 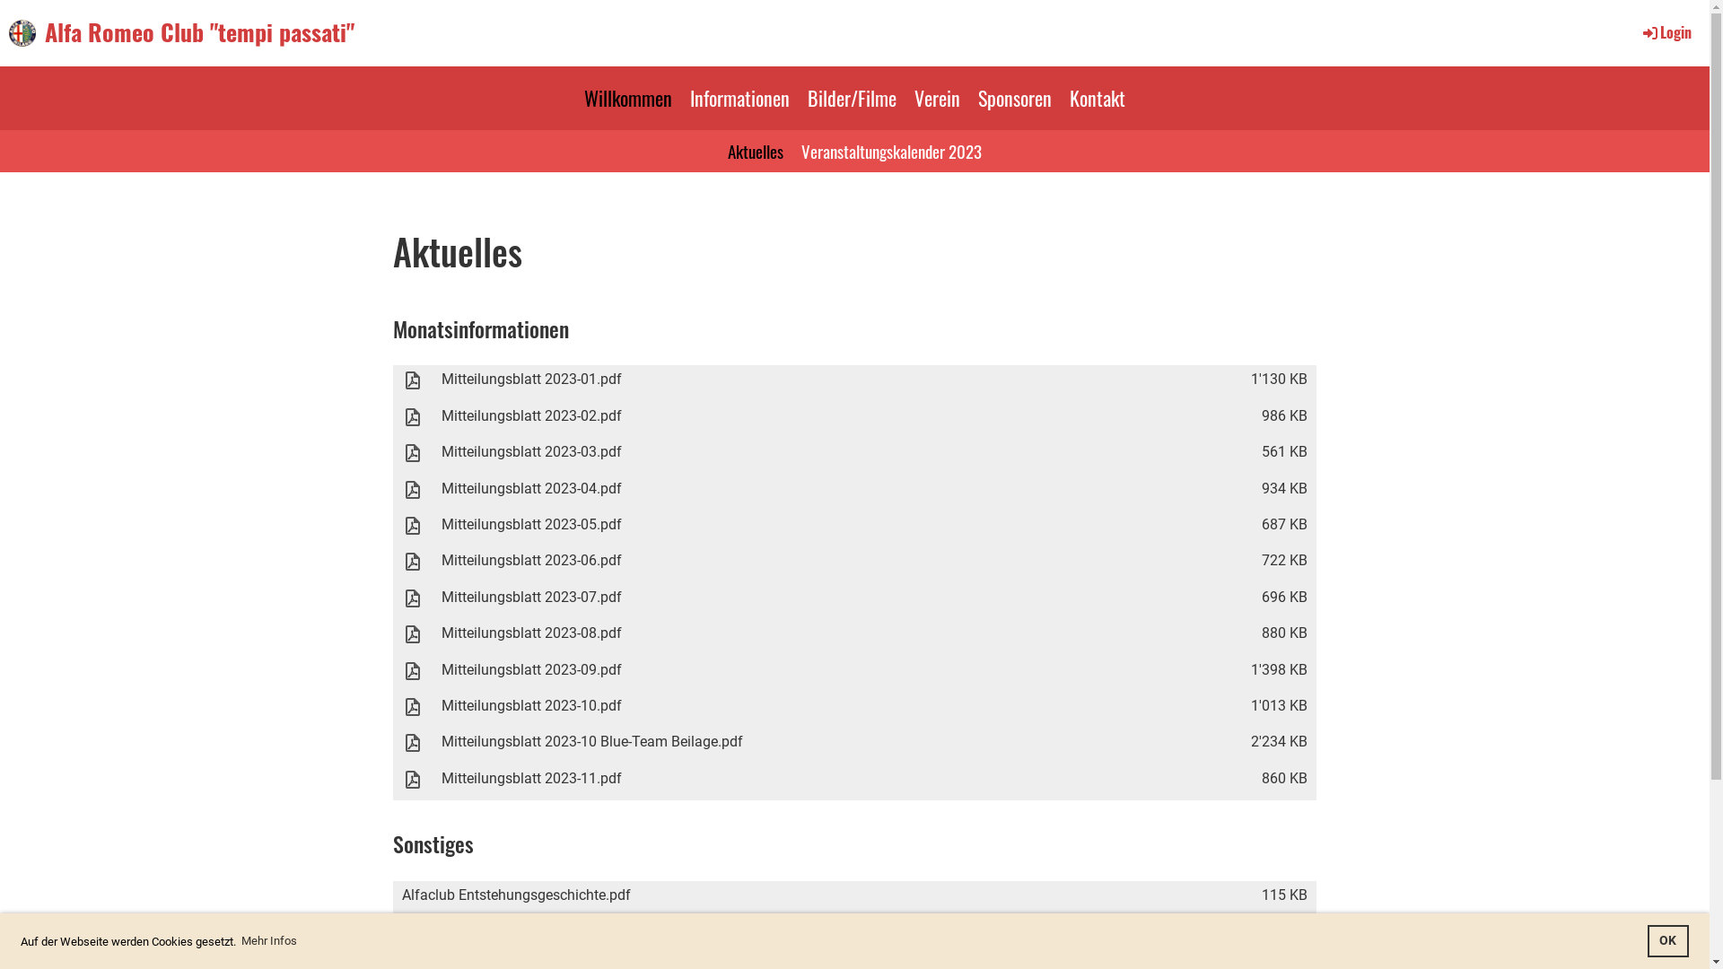 I want to click on 'Willkommen', so click(x=628, y=98).